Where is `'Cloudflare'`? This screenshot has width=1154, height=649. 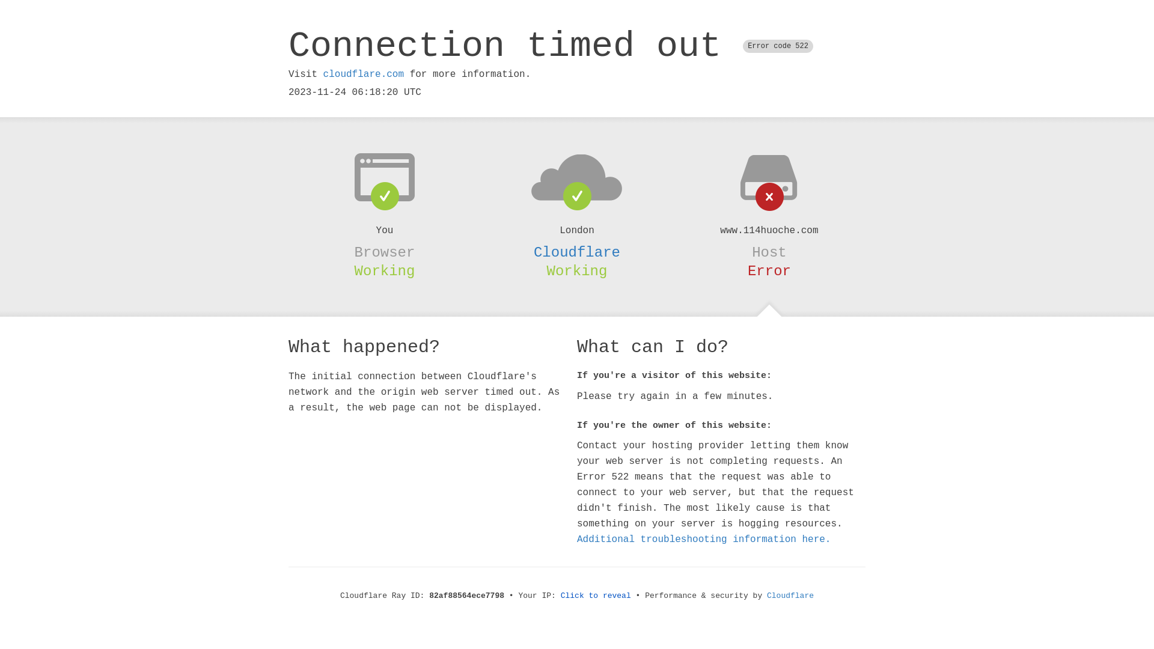 'Cloudflare' is located at coordinates (577, 252).